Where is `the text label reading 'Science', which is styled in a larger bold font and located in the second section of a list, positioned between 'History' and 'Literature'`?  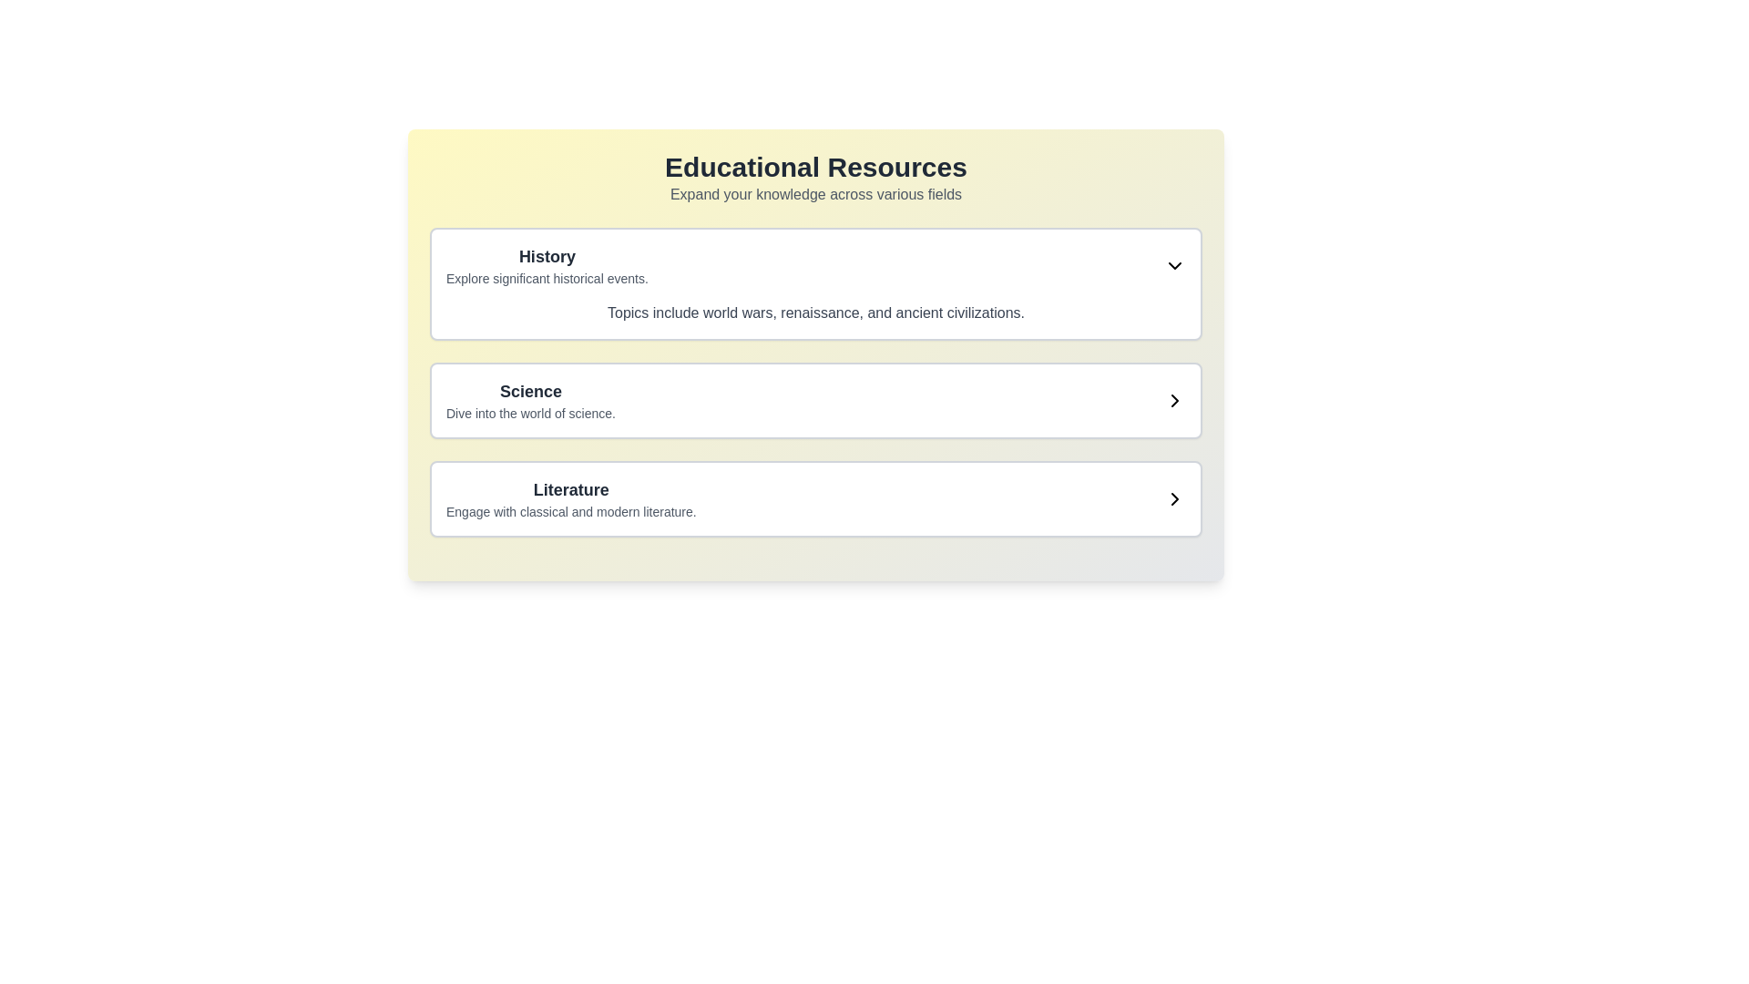 the text label reading 'Science', which is styled in a larger bold font and located in the second section of a list, positioned between 'History' and 'Literature' is located at coordinates (529, 390).